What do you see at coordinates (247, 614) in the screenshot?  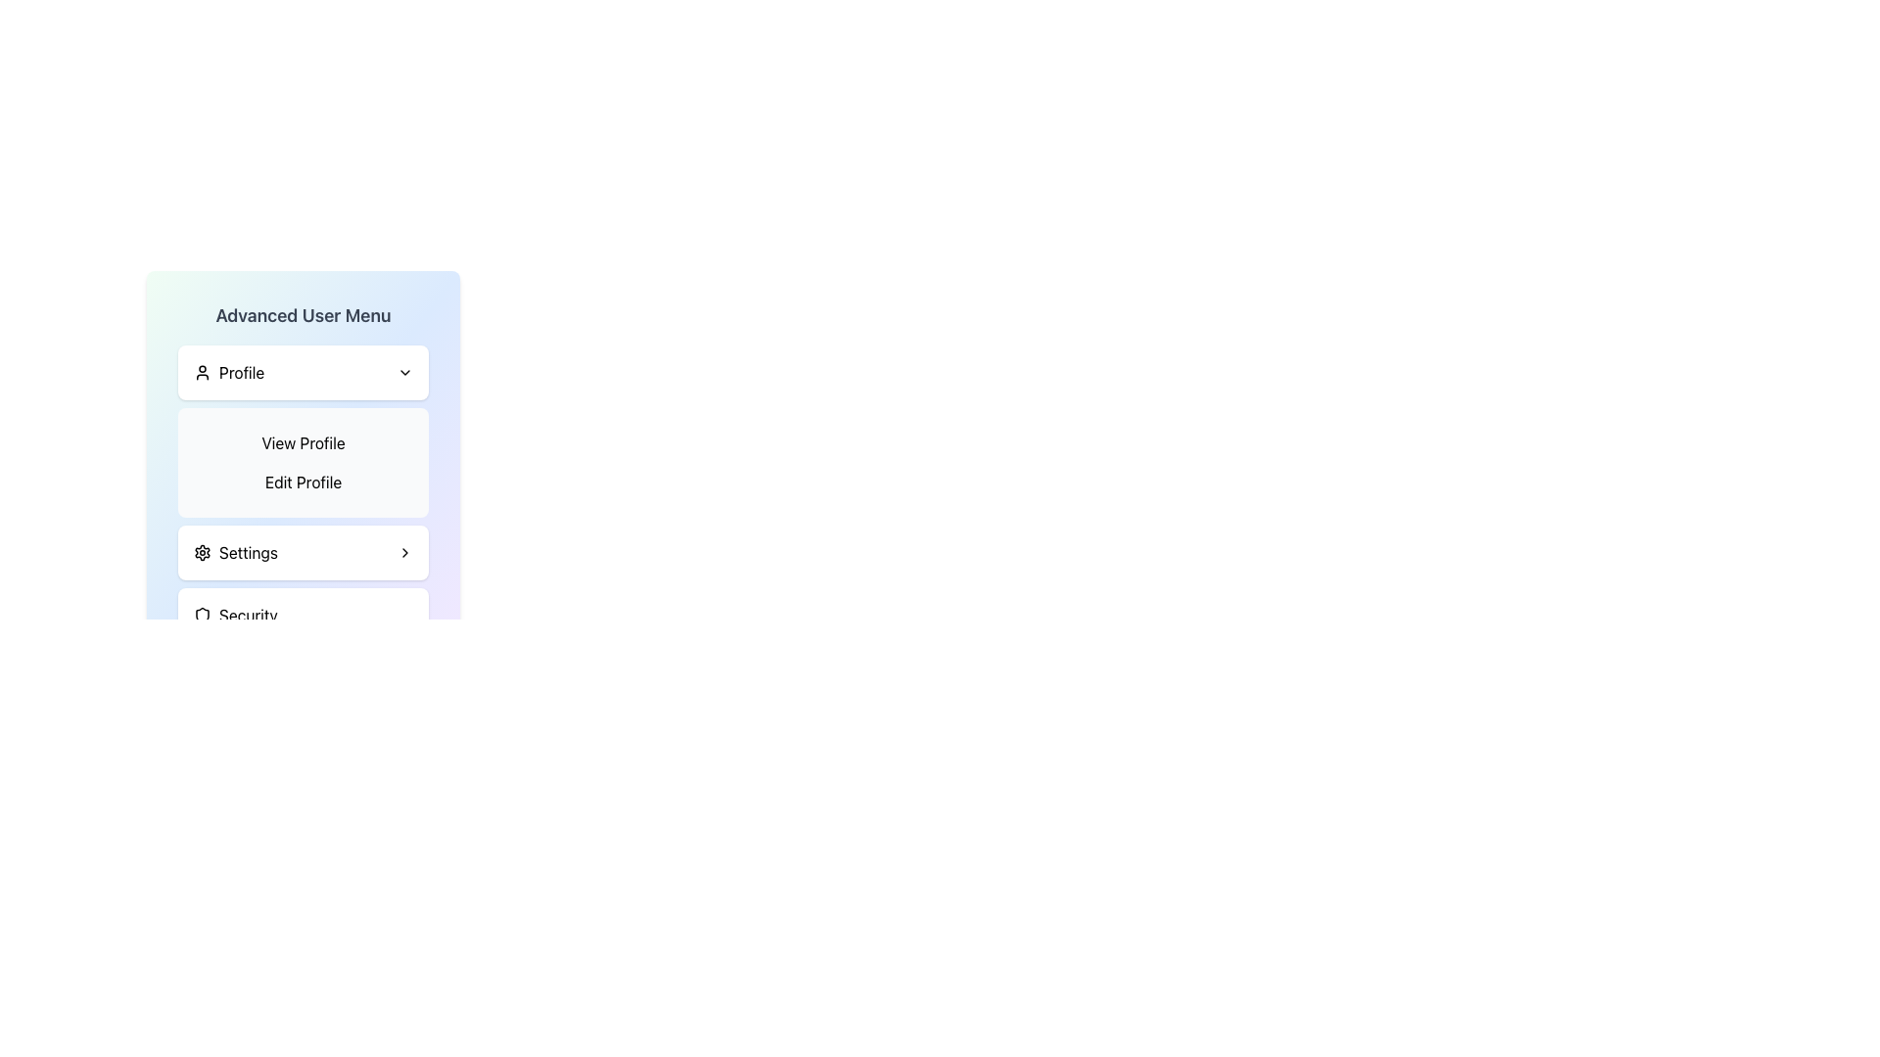 I see `the 'Security' text label element` at bounding box center [247, 614].